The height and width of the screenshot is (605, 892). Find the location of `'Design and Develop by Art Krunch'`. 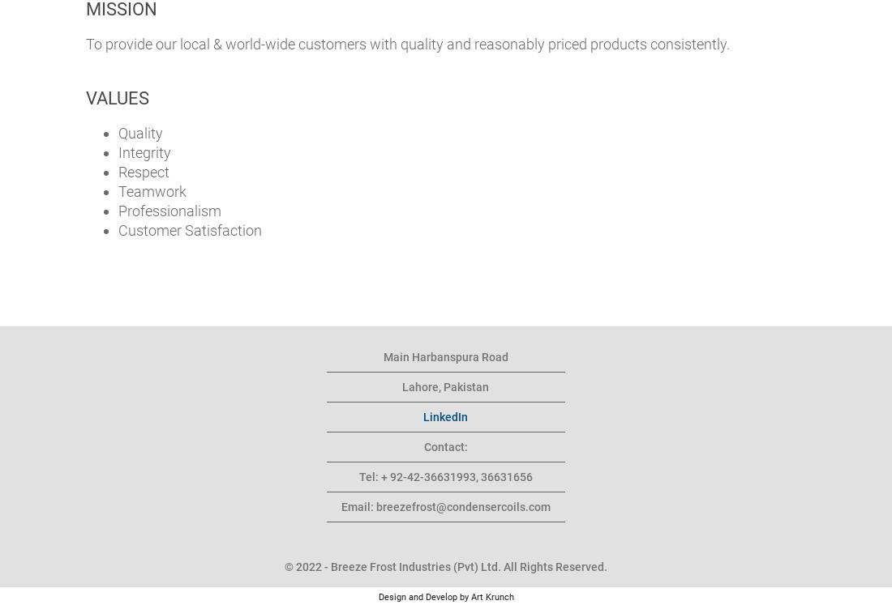

'Design and Develop by Art Krunch' is located at coordinates (445, 596).